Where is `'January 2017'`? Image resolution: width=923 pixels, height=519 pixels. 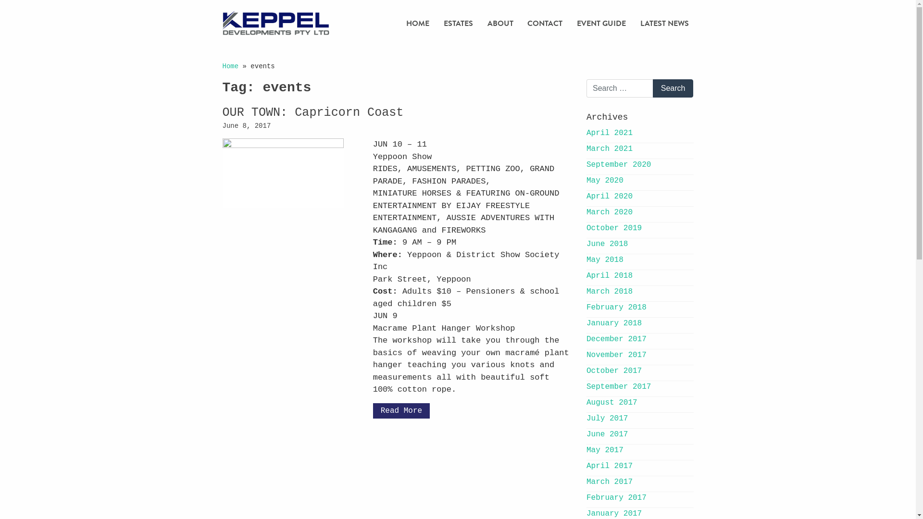 'January 2017' is located at coordinates (613, 513).